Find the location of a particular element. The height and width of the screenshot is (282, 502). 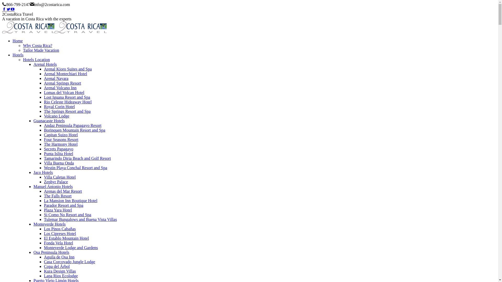

'The Springs Resort and Spa' is located at coordinates (44, 111).